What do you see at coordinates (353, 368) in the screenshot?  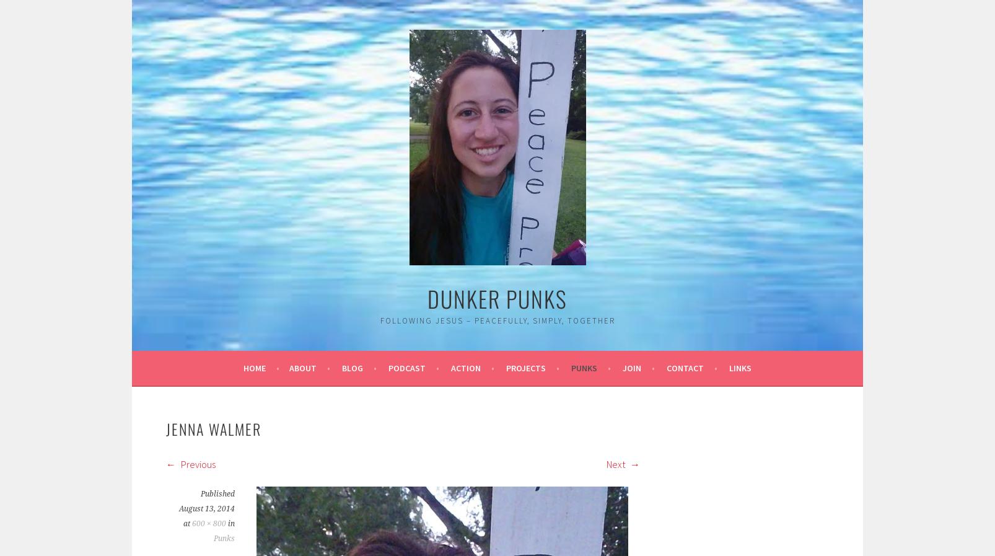 I see `'Blog'` at bounding box center [353, 368].